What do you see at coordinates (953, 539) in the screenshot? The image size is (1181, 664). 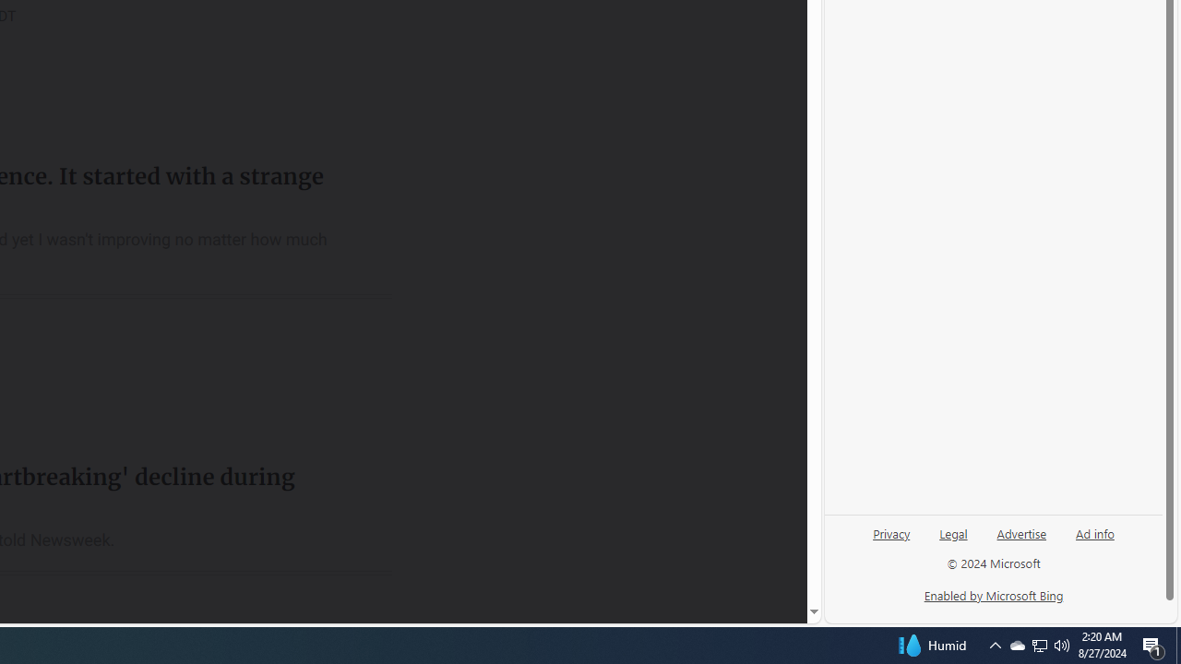 I see `'Legal'` at bounding box center [953, 539].